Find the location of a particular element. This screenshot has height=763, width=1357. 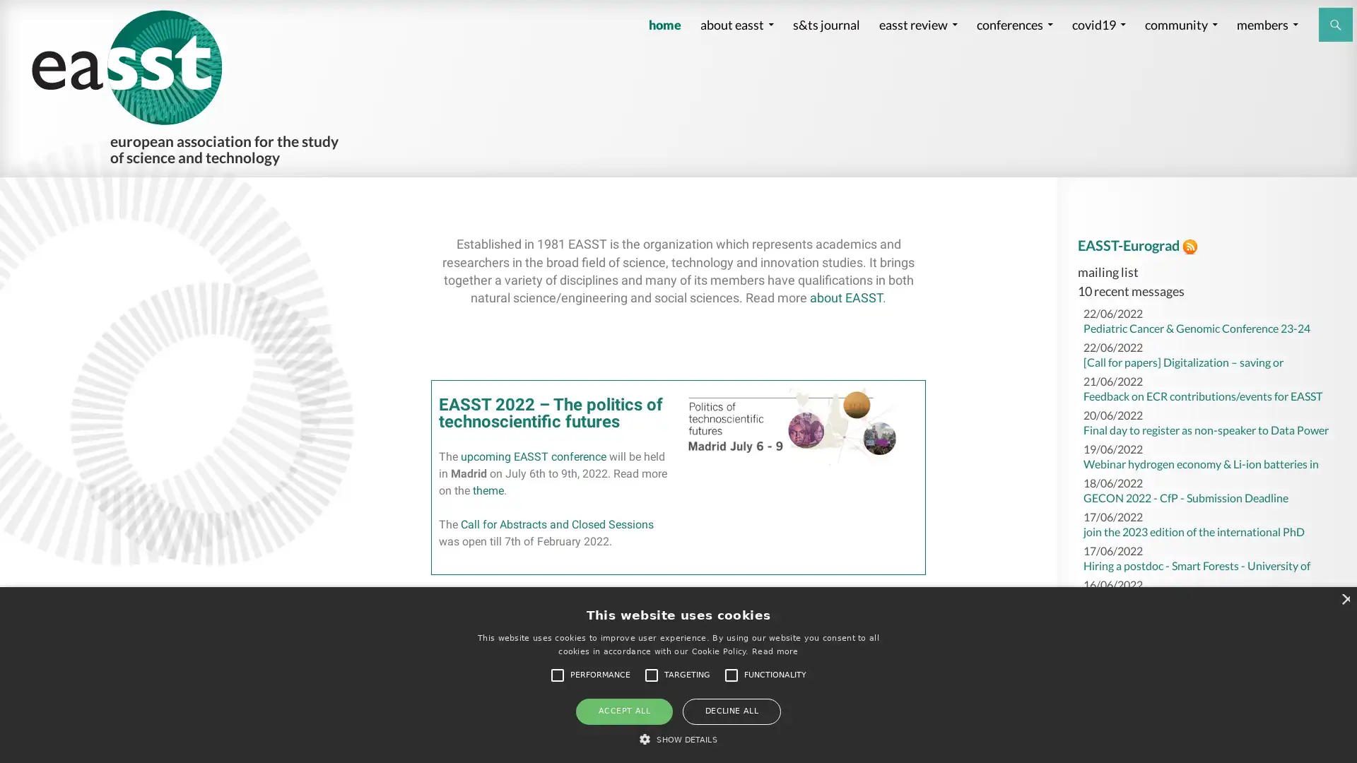

Close is located at coordinates (1344, 598).